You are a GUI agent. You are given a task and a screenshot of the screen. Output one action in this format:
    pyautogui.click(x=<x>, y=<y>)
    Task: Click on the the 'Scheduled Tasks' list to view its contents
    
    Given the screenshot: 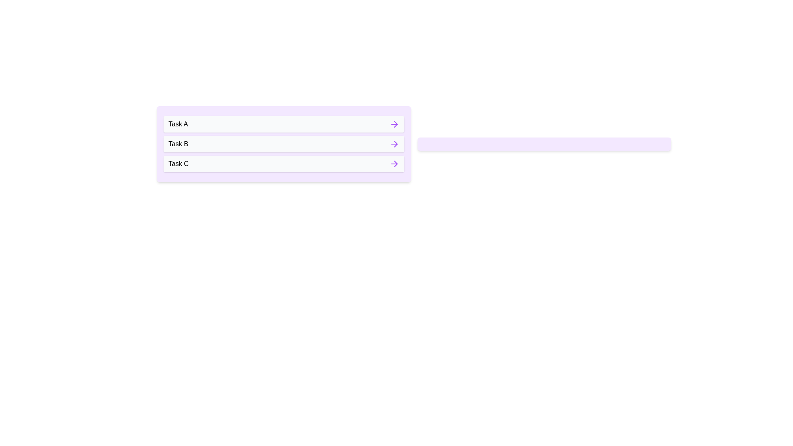 What is the action you would take?
    pyautogui.click(x=544, y=143)
    